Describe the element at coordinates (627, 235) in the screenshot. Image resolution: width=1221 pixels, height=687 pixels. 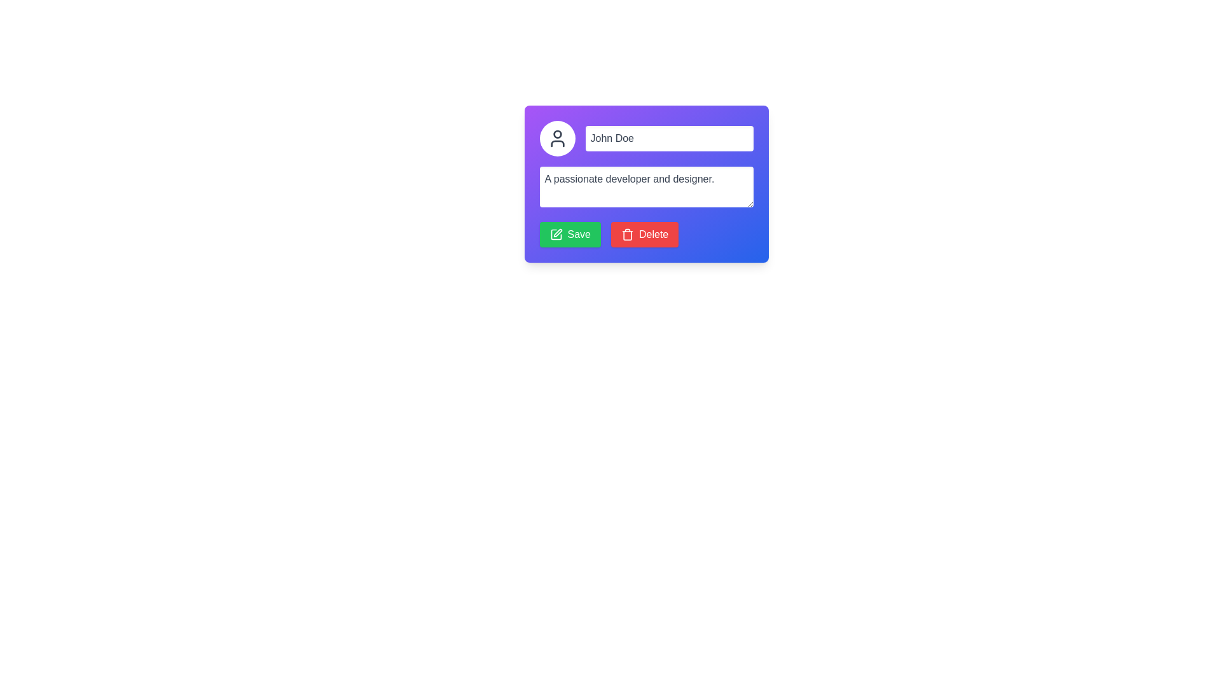
I see `the trash bin icon part within the 'Delete' button, which is represented by a rectangular outline` at that location.